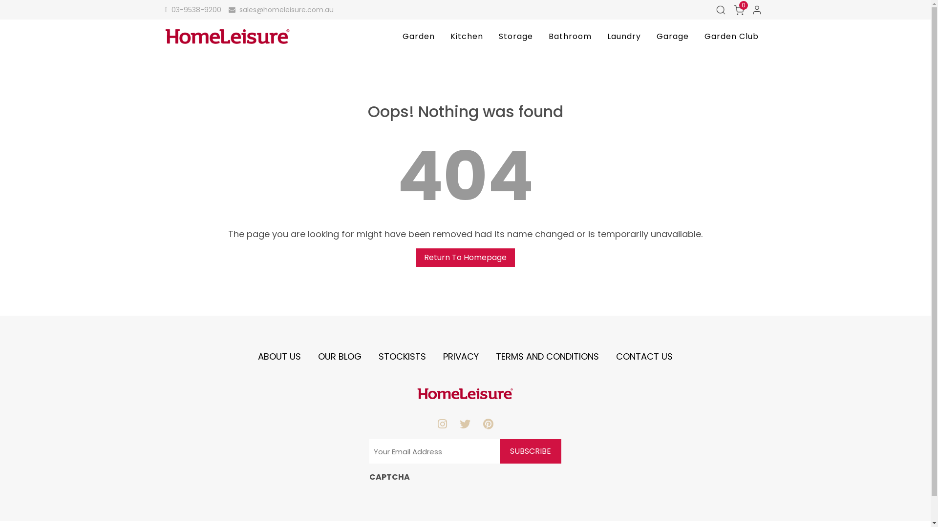 This screenshot has height=527, width=938. I want to click on 'PRIVACY', so click(460, 356).